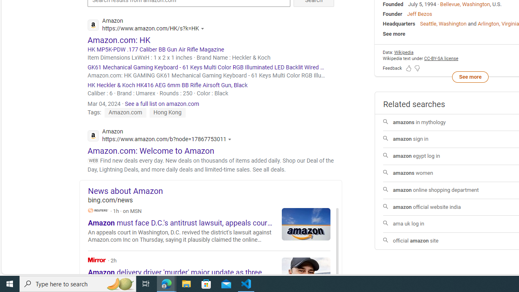 The width and height of the screenshot is (519, 292). I want to click on 'Data attribution Wikipedia', so click(403, 52).